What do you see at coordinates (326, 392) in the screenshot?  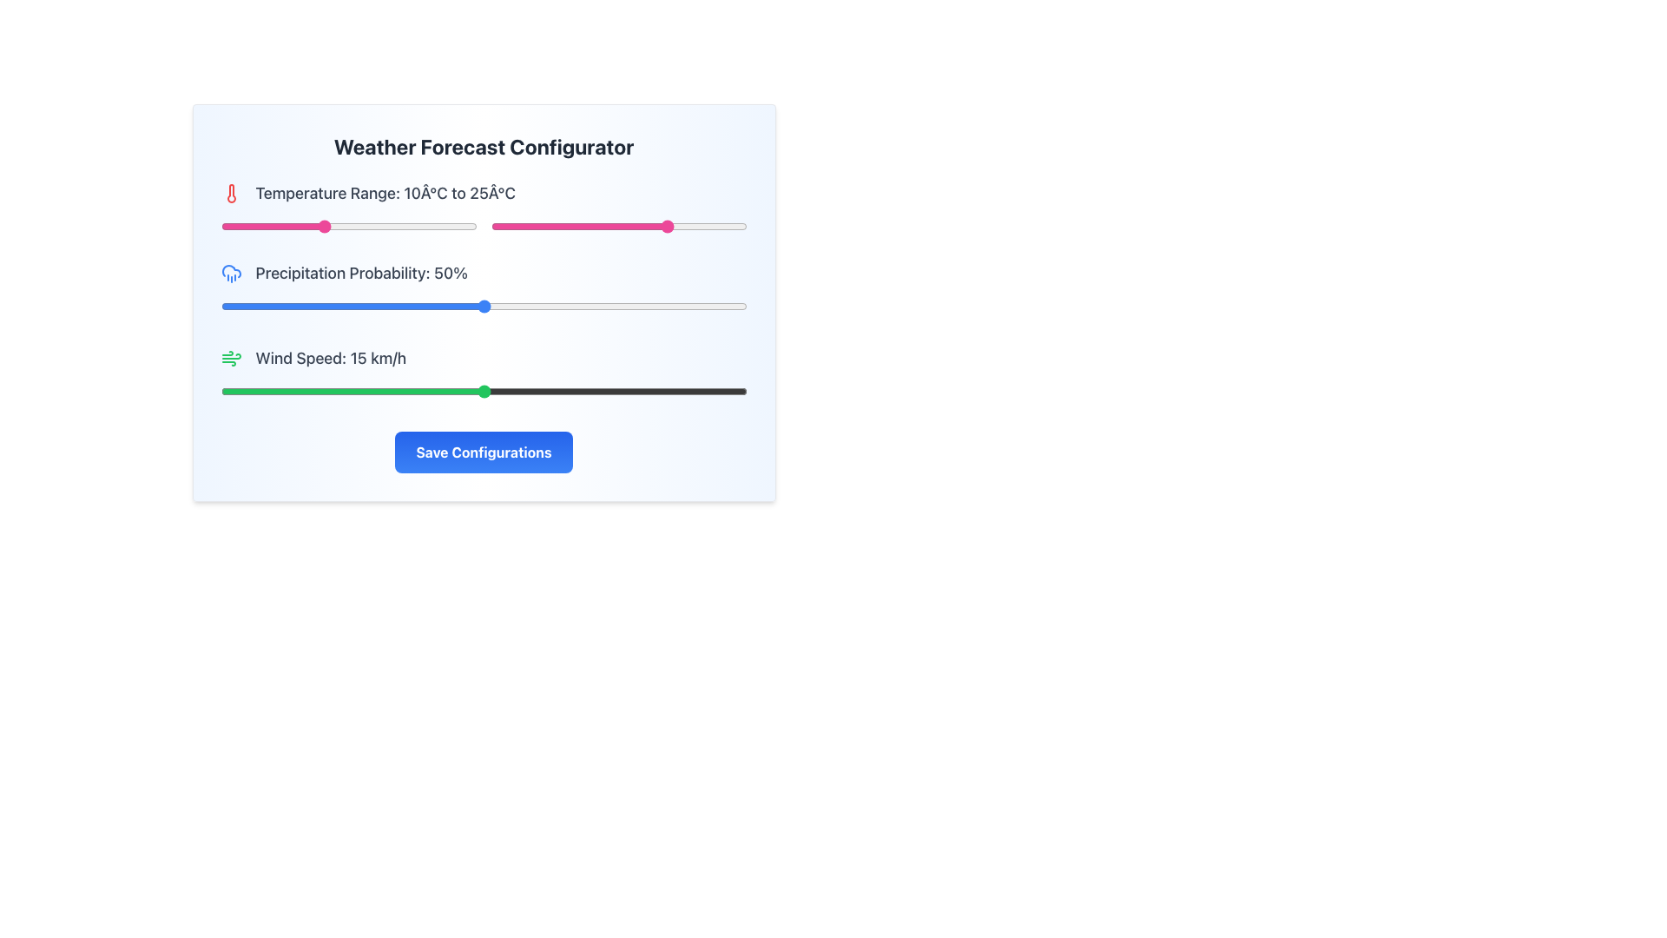 I see `wind speed` at bounding box center [326, 392].